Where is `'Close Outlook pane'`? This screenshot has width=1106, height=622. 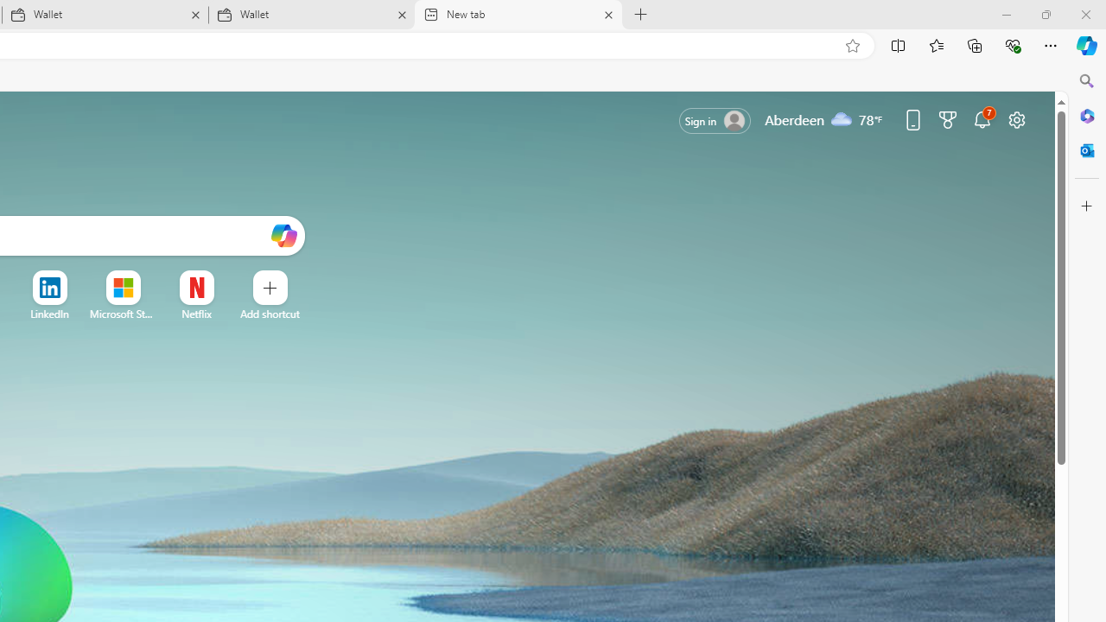
'Close Outlook pane' is located at coordinates (1086, 149).